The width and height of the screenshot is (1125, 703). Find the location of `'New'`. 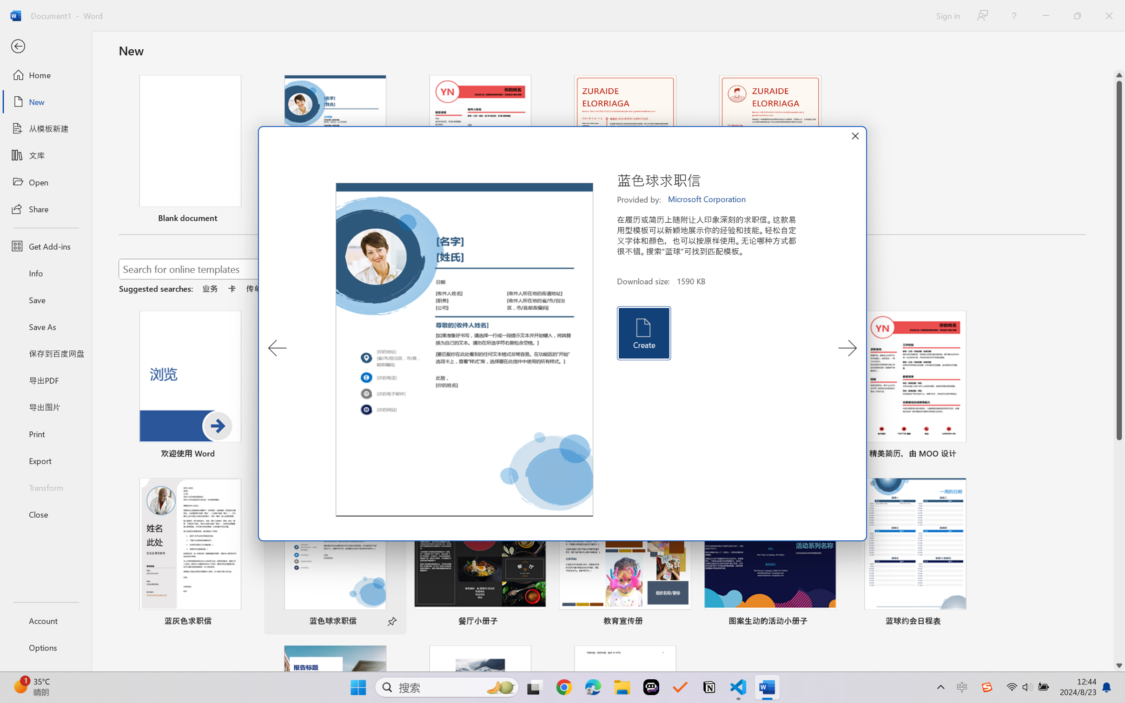

'New' is located at coordinates (45, 101).